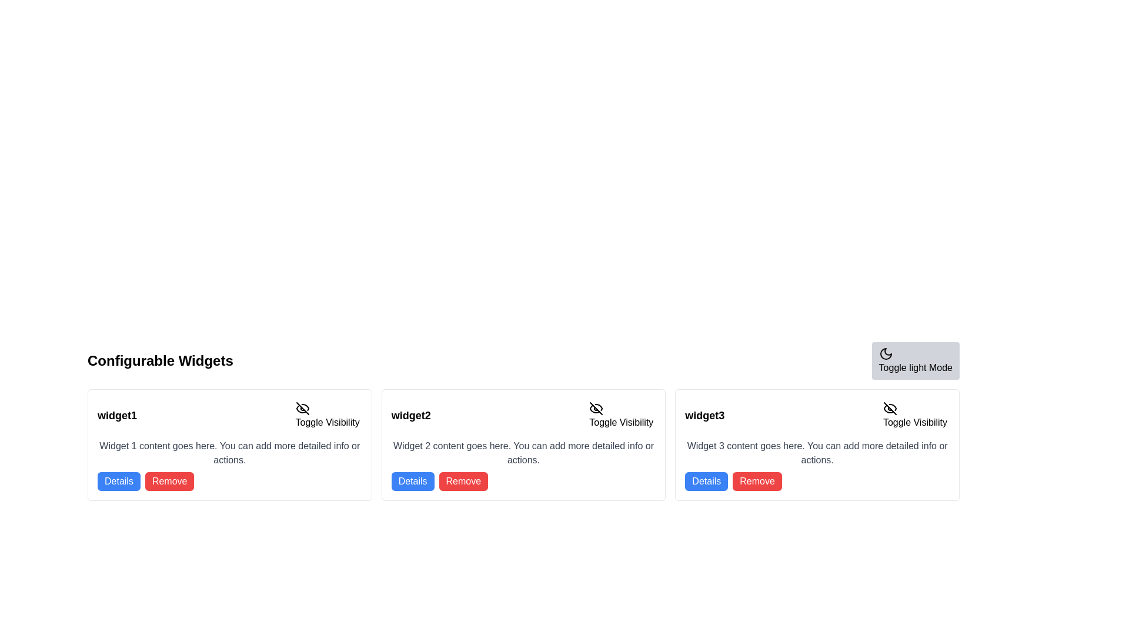 The height and width of the screenshot is (635, 1129). Describe the element at coordinates (523, 453) in the screenshot. I see `the static text block that displays descriptive information related to the 'widget2' card, which is located in the center of the rectangular card in the second position under the header 'Configurable Widgets'` at that location.